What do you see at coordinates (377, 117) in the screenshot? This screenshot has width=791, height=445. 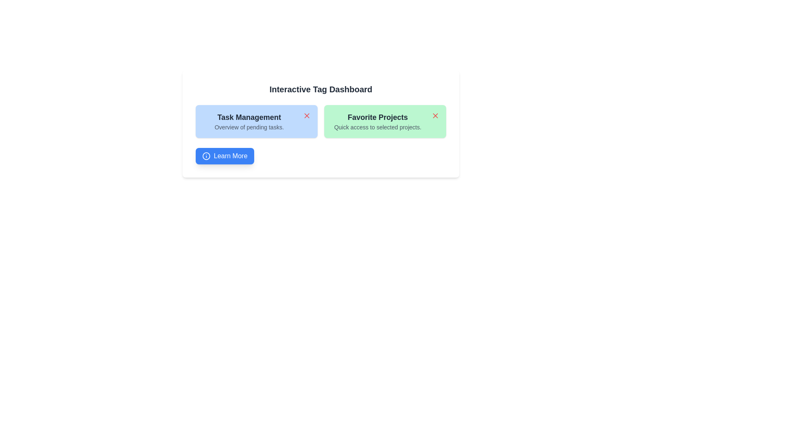 I see `text content of the Text Label that serves as the title for the 'Favorite Projects' section, located in the top-left corner of the mint green card layout` at bounding box center [377, 117].